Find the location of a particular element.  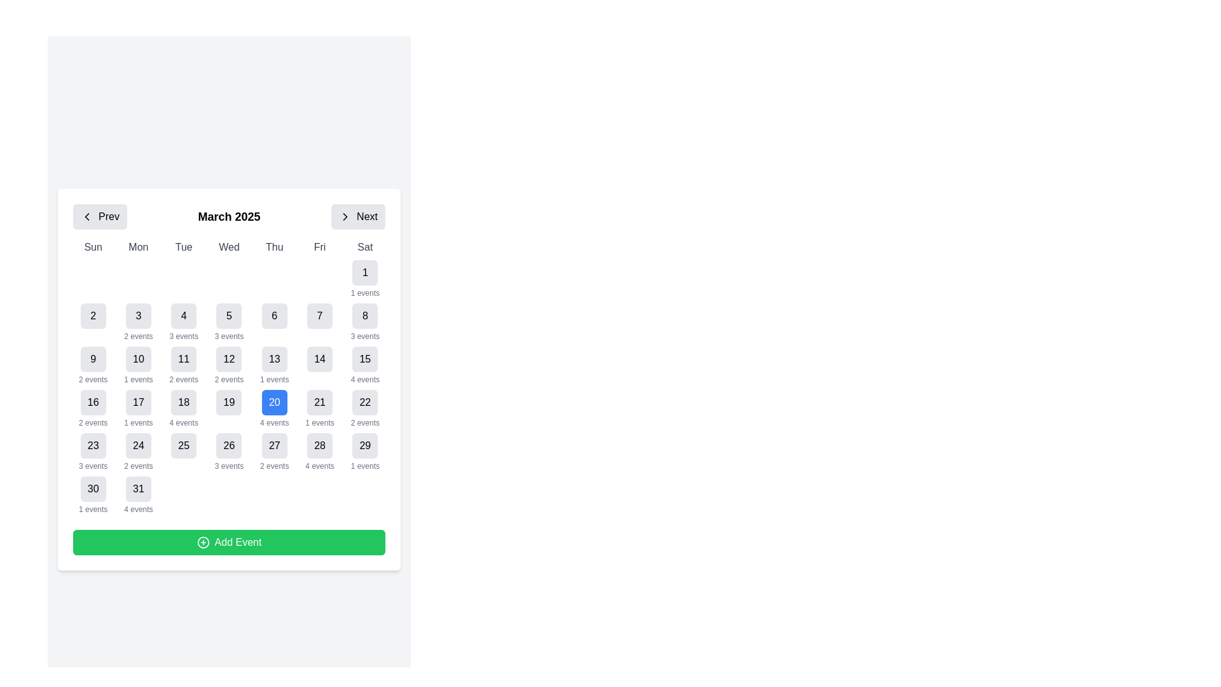

the text element displaying 'Wed' is located at coordinates (229, 247).